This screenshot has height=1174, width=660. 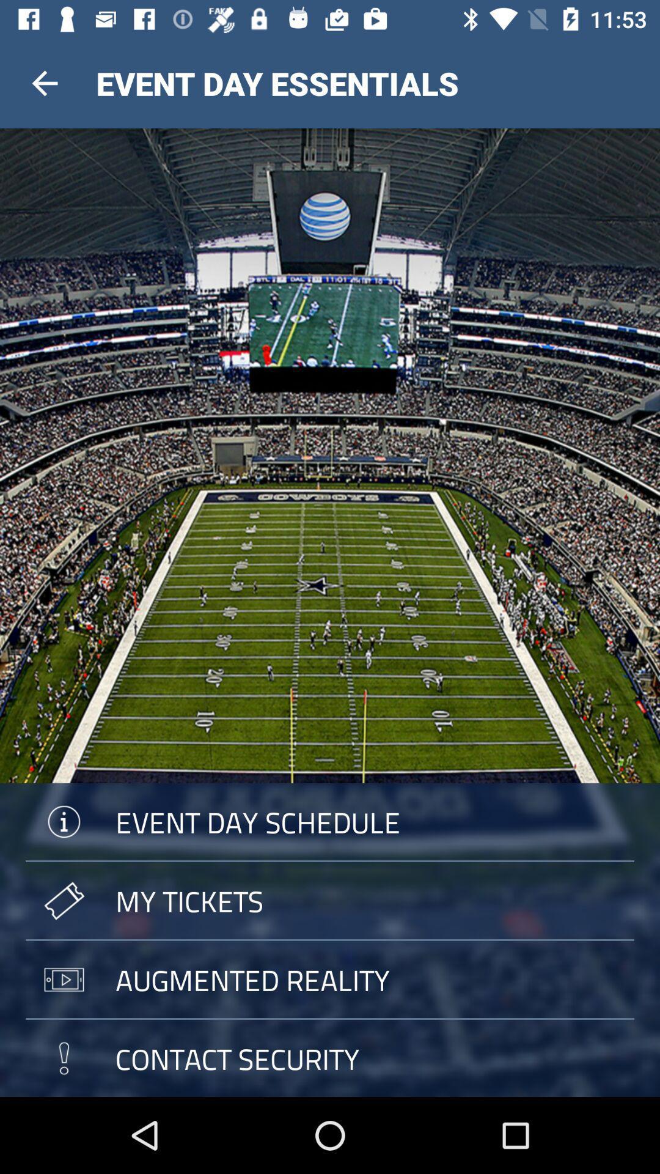 I want to click on augmented reality, so click(x=330, y=980).